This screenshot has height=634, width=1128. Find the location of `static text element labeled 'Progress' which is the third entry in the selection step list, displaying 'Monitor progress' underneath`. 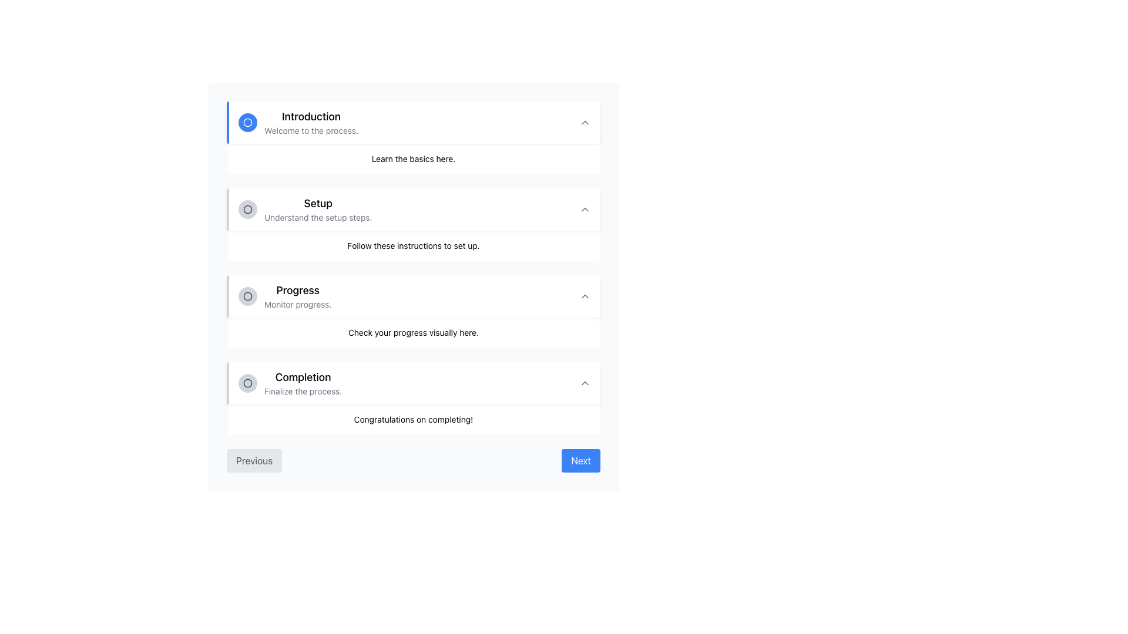

static text element labeled 'Progress' which is the third entry in the selection step list, displaying 'Monitor progress' underneath is located at coordinates (298, 296).